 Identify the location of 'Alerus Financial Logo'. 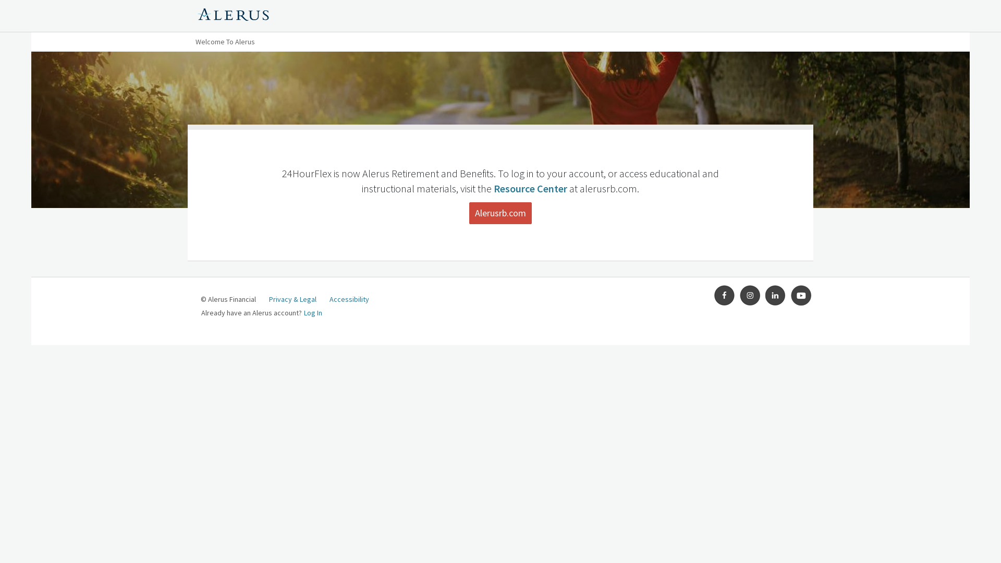
(233, 16).